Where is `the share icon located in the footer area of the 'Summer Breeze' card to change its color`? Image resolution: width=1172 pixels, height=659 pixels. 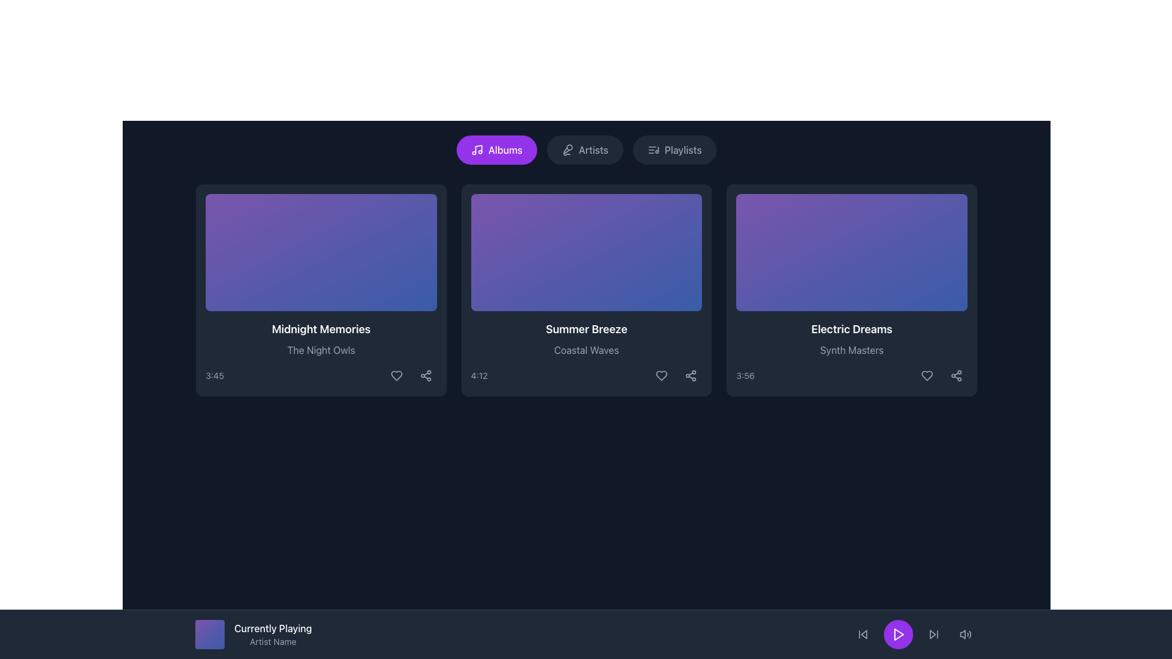 the share icon located in the footer area of the 'Summer Breeze' card to change its color is located at coordinates (691, 375).